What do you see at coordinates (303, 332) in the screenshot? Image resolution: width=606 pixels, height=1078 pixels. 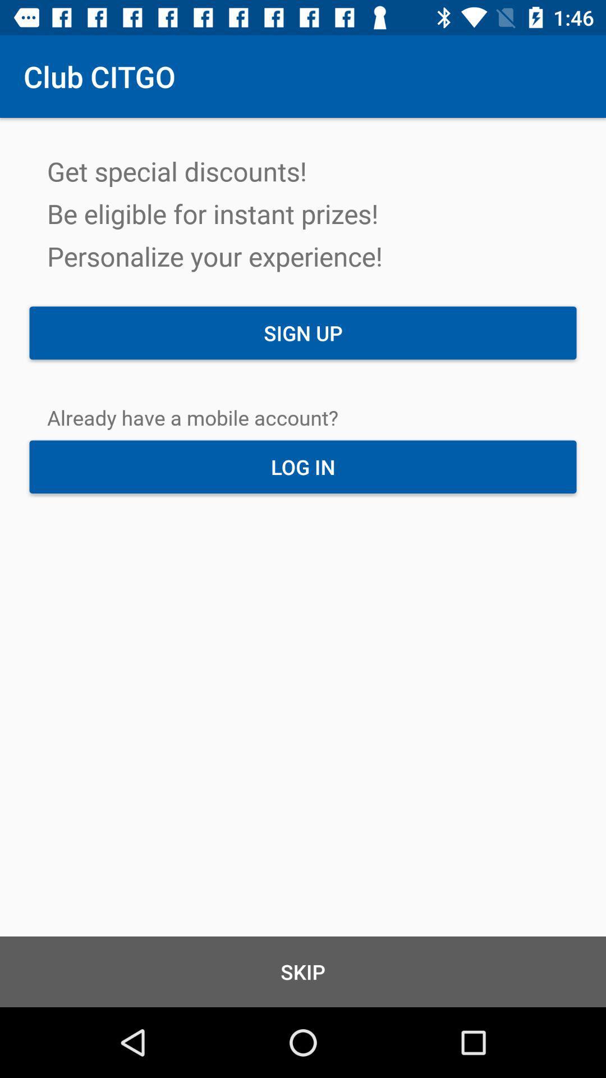 I see `sign up icon` at bounding box center [303, 332].